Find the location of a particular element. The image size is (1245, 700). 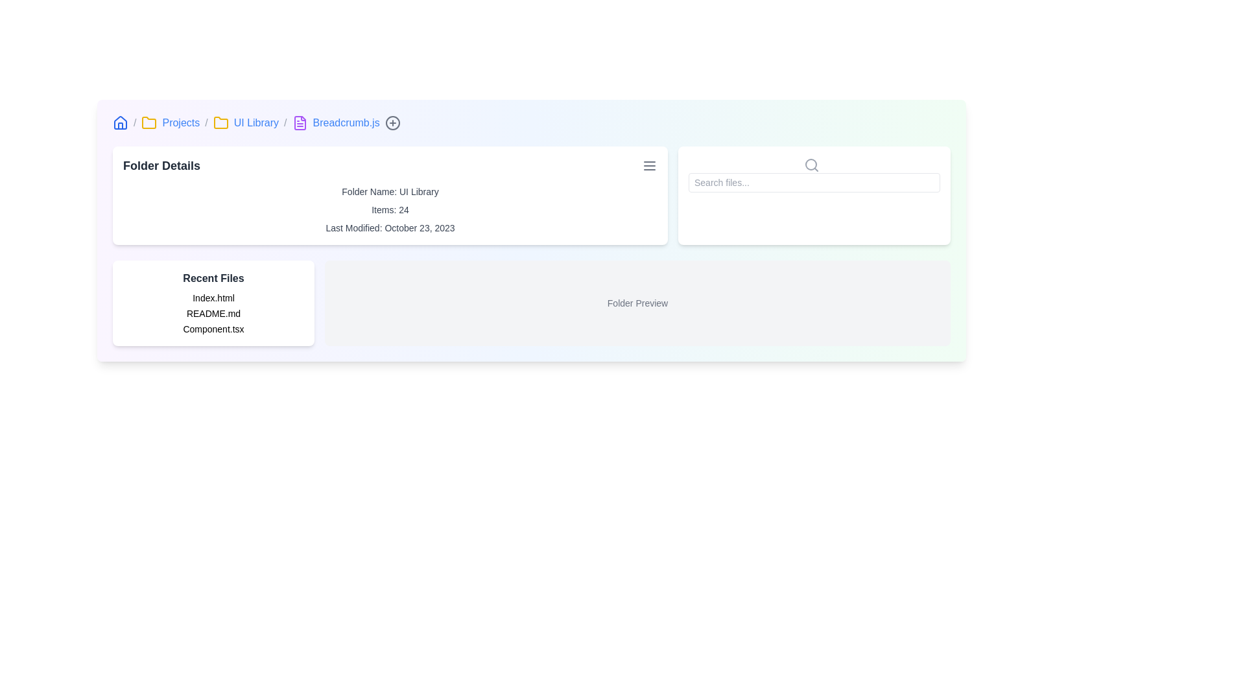

the folder icon located as the second icon in the breadcrumb navigation bar, positioned between the home icon and the text labeled 'Projects' is located at coordinates (149, 122).